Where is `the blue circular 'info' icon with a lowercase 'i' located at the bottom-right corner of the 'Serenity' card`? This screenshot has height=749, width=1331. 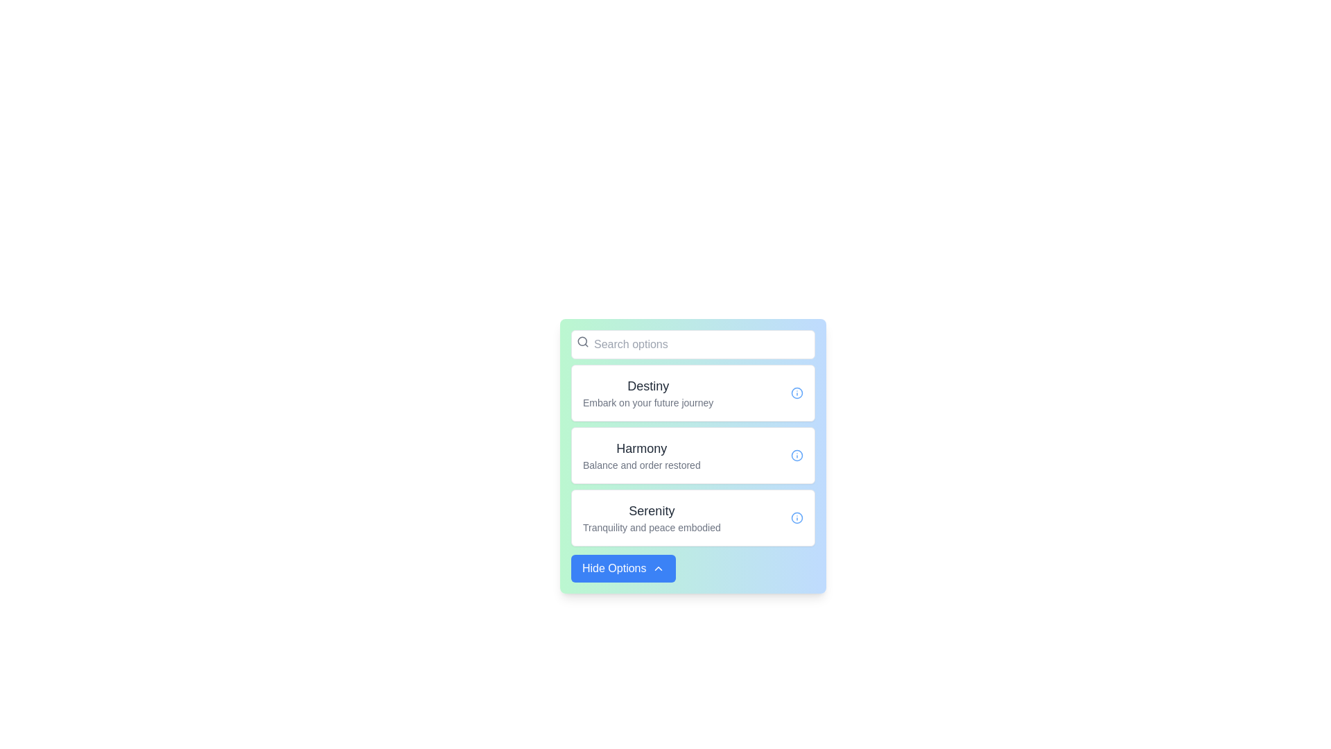
the blue circular 'info' icon with a lowercase 'i' located at the bottom-right corner of the 'Serenity' card is located at coordinates (797, 518).